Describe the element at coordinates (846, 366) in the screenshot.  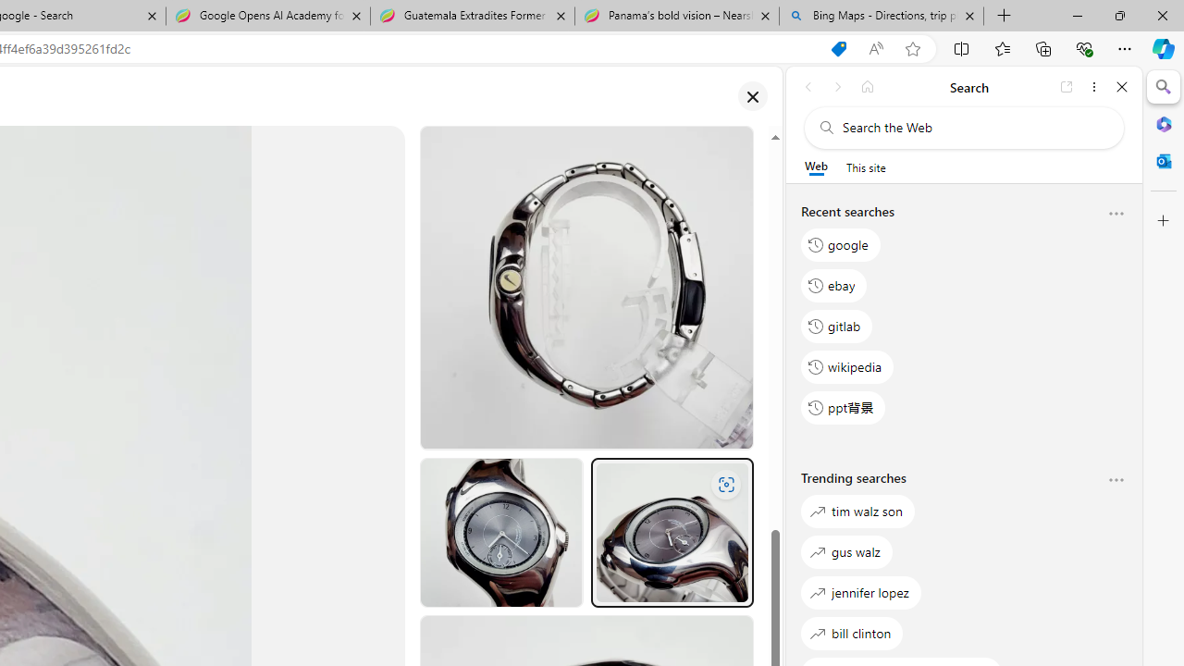
I see `'wikipedia'` at that location.